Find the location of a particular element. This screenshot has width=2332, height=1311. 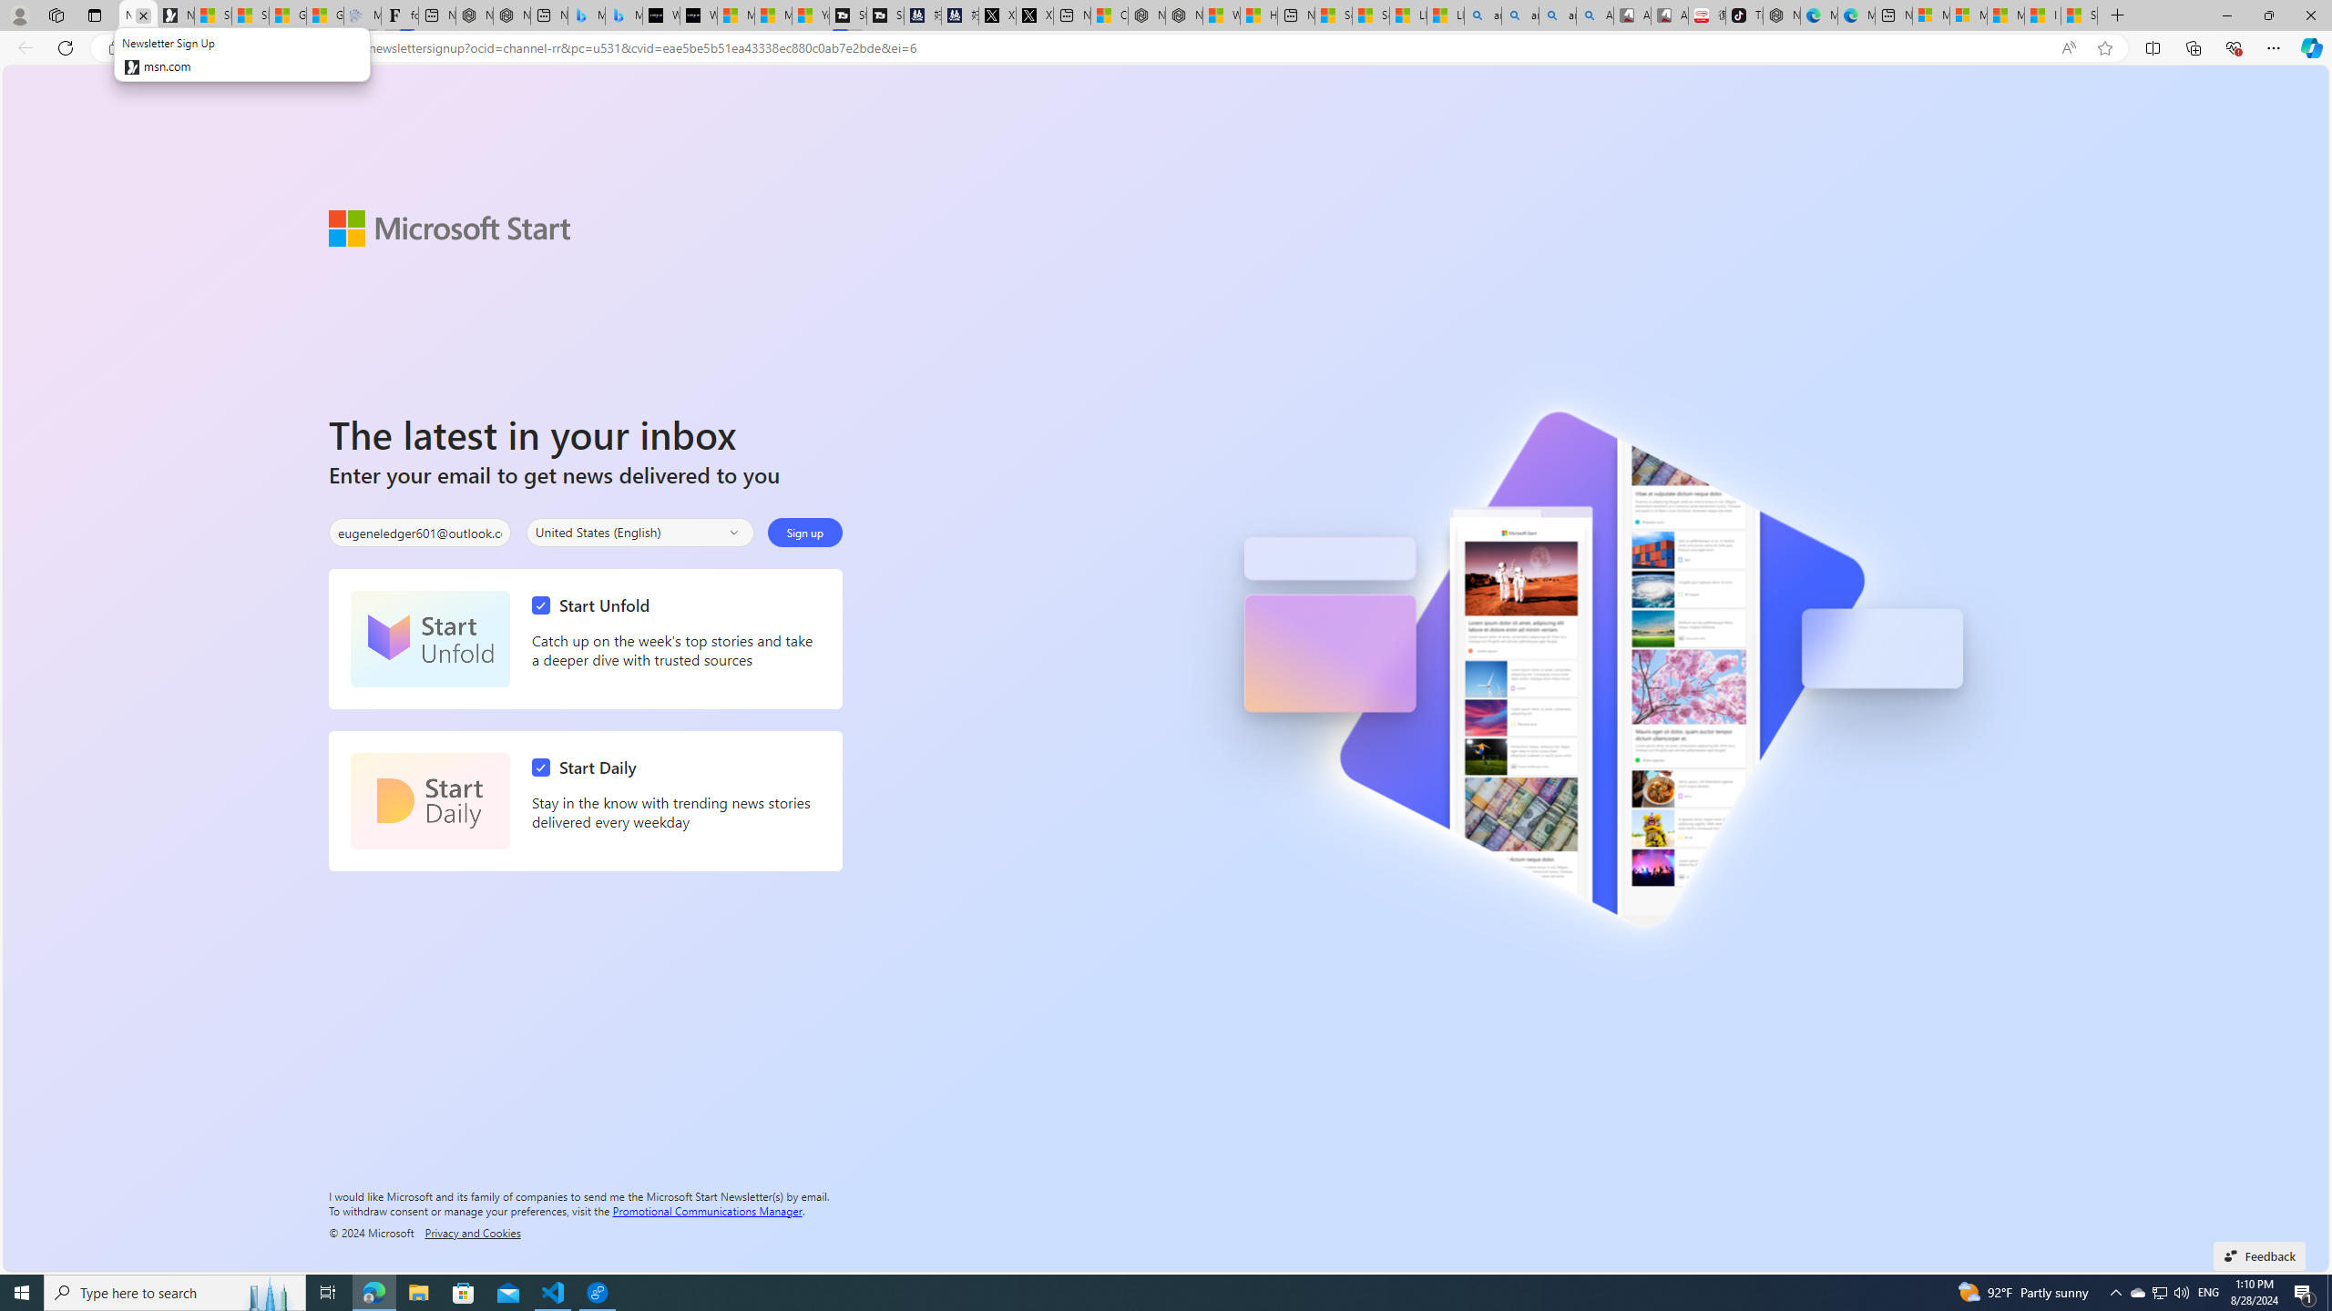

'Start Unfold' is located at coordinates (595, 605).